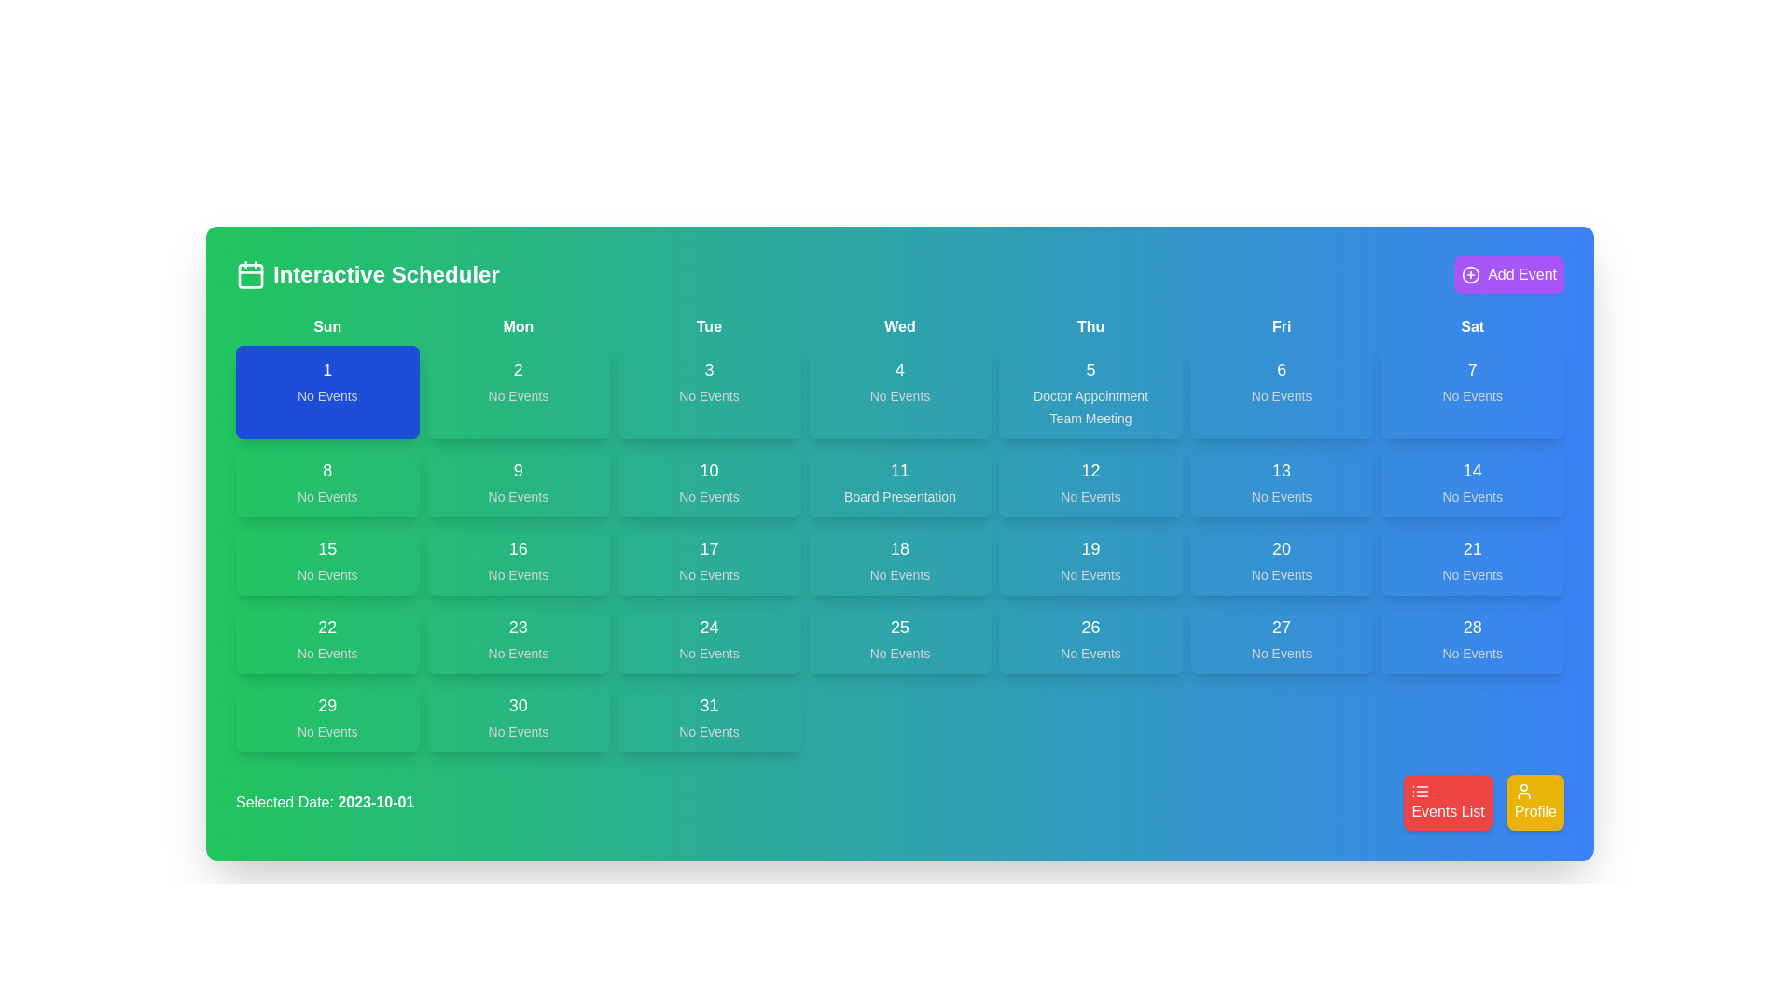  Describe the element at coordinates (1090, 391) in the screenshot. I see `the Calendar day cell for 'Thu' which contains the numeral '5' and the events 'Doctor Appointment' and 'Team Meeting'` at that location.